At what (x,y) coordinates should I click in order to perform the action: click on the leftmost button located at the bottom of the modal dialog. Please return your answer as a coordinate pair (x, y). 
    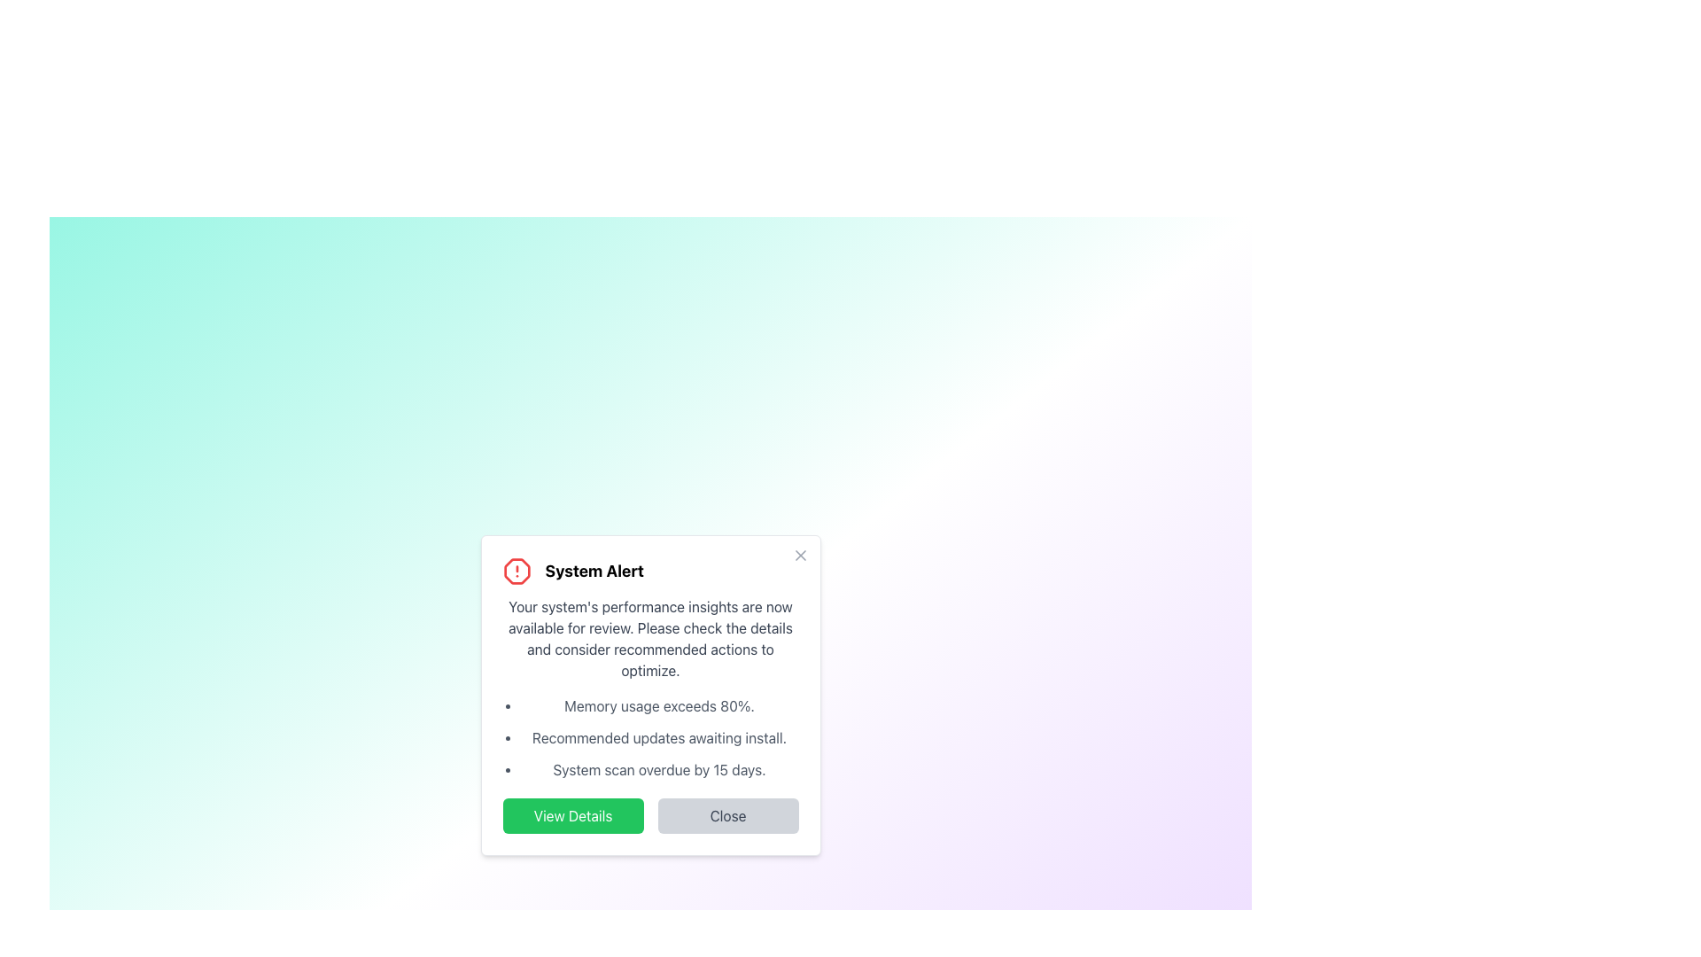
    Looking at the image, I should click on (573, 816).